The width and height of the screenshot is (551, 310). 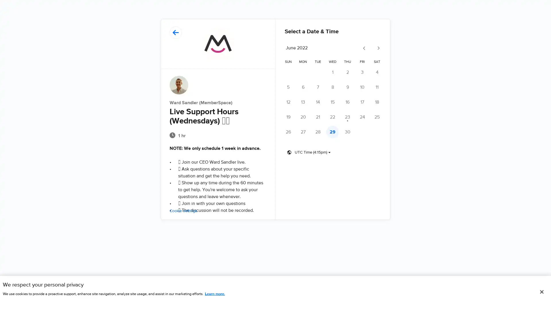 I want to click on Thursday, June 23 - No times available, so click(x=347, y=117).